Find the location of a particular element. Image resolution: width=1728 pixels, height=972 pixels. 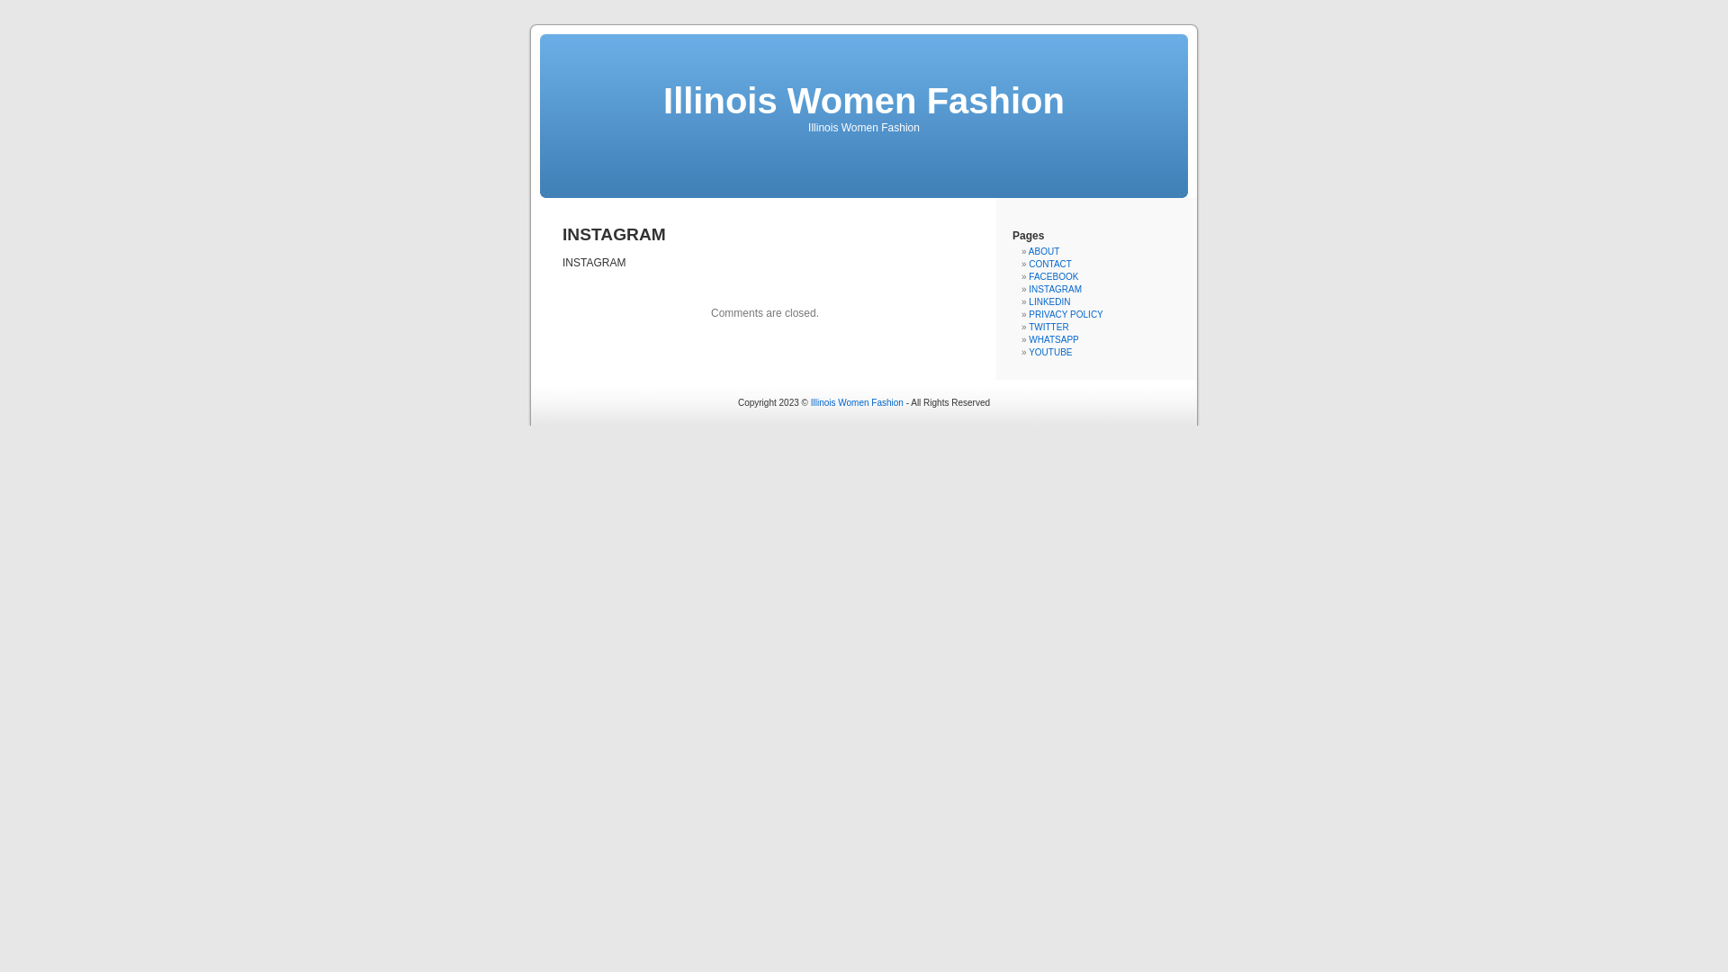

'LINKEDIN' is located at coordinates (1049, 301).